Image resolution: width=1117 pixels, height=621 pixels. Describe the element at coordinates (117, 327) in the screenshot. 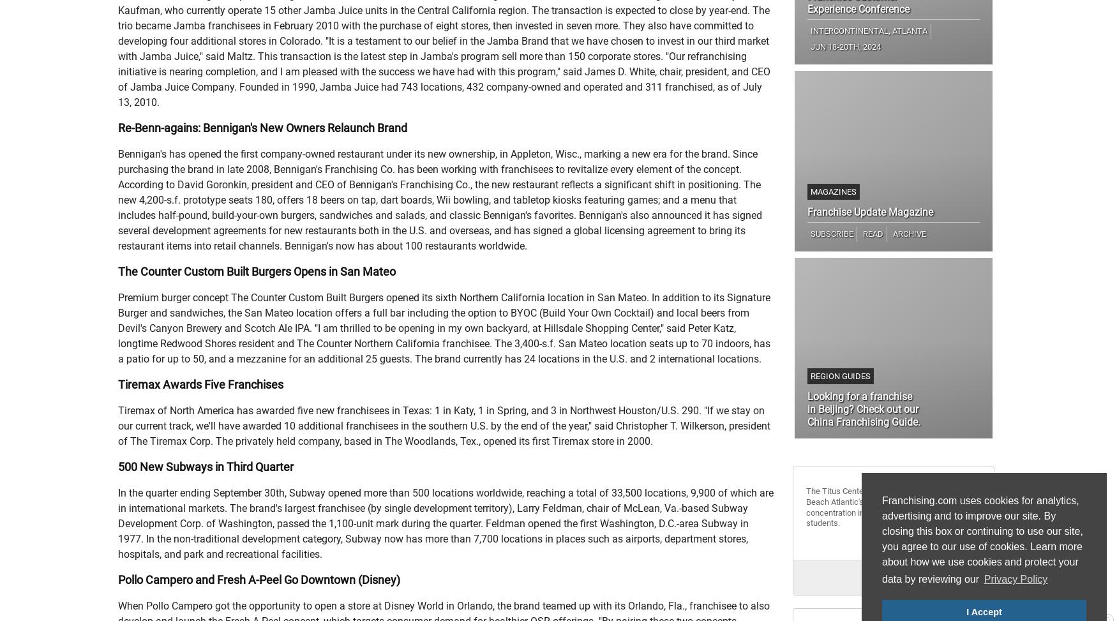

I see `'Premium burger concept The Counter Custom Built Burgers opened its sixth Northern California location in San Mateo. In addition to its Signature Burger and sandwiches, the San Mateo location offers a full bar including the option to BYOC (Build Your Own Cocktail) and local beers from Devil's Canyon Brewery and Scotch Ale IPA. "I am thrilled to be opening in my own backyard, at Hillsdale Shopping Center," said Peter Katz, longtime Redwood Shores resident and The Counter Northern California franchisee. The 3,400-s.f. San Mateo location seats up to 70 indoors, has a patio for up to 50, and a mezzanine for an additional 25 guests. The brand currently has 24 locations in the U.S. and 2 international locations.'` at that location.